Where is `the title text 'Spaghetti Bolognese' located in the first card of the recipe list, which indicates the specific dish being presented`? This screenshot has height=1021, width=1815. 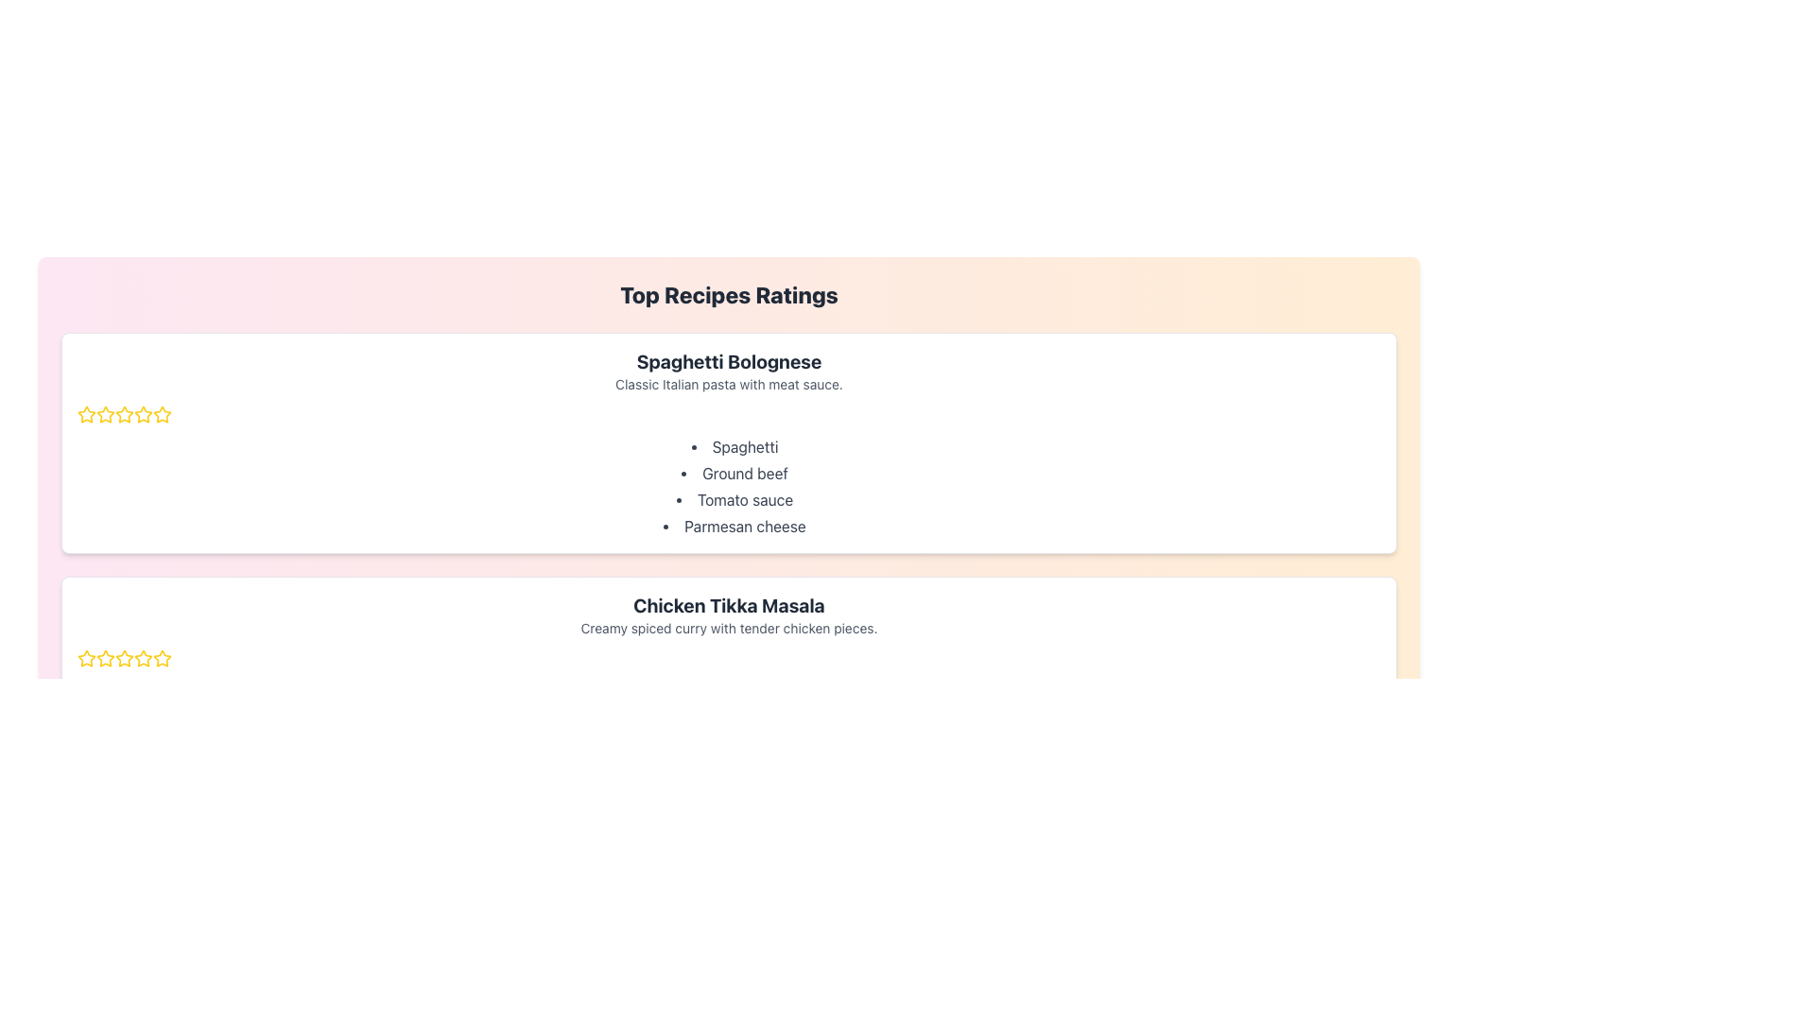
the title text 'Spaghetti Bolognese' located in the first card of the recipe list, which indicates the specific dish being presented is located at coordinates (728, 361).